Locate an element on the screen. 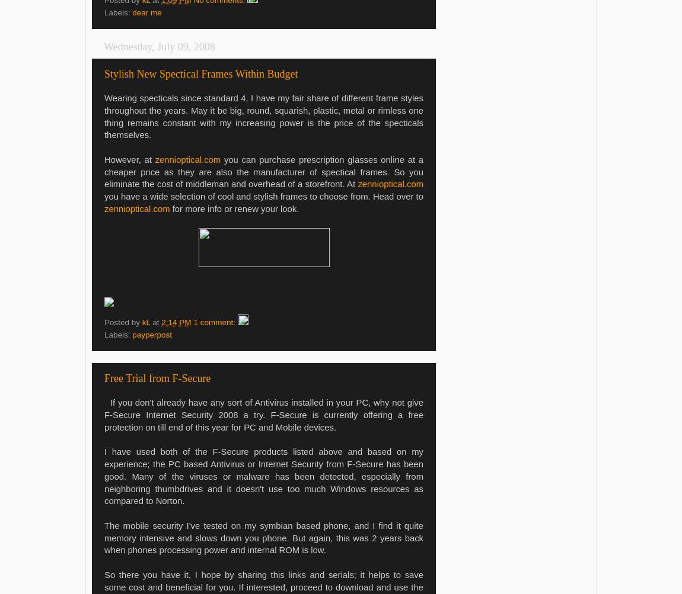 Image resolution: width=682 pixels, height=594 pixels. 'Posted by' is located at coordinates (122, 321).